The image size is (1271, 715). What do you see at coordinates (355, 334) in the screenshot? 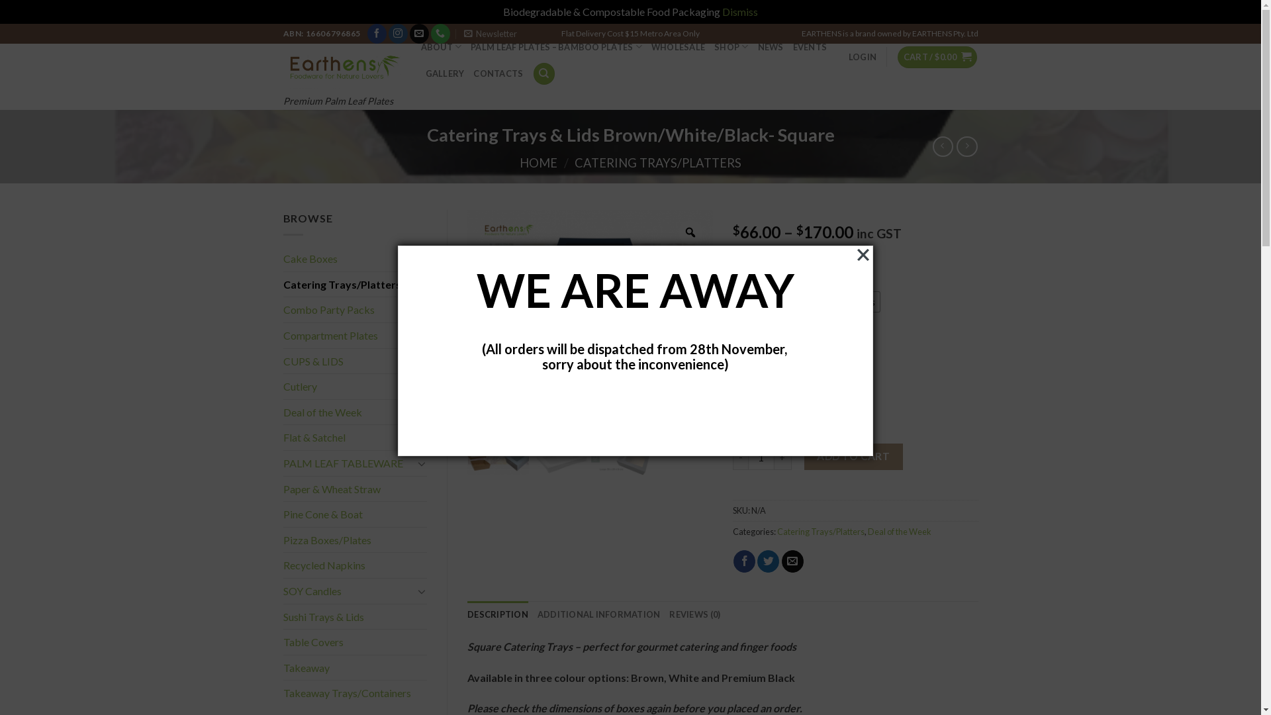
I see `'Compartment Plates'` at bounding box center [355, 334].